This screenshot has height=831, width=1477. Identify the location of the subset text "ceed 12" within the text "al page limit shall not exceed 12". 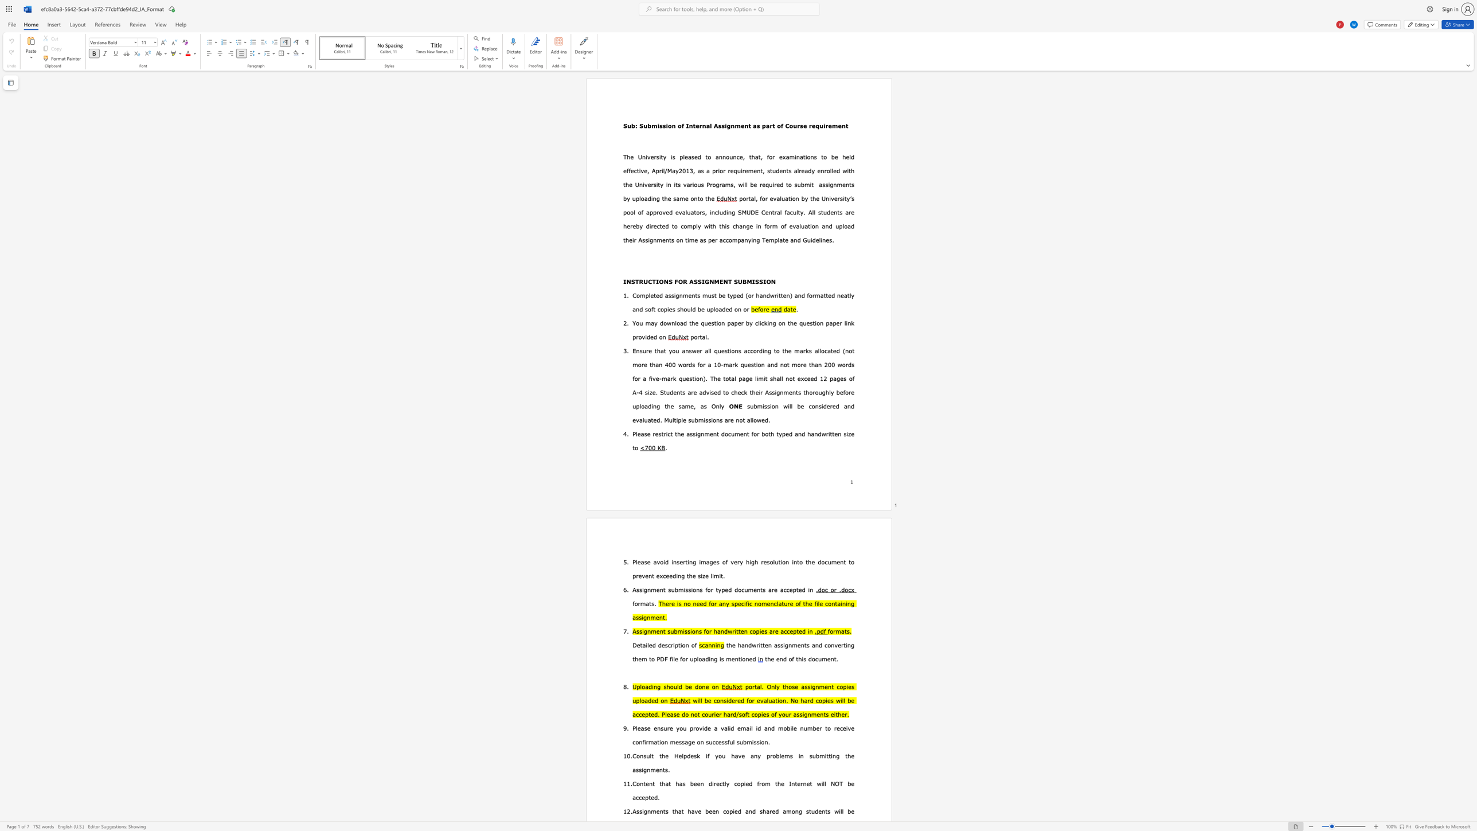
(803, 378).